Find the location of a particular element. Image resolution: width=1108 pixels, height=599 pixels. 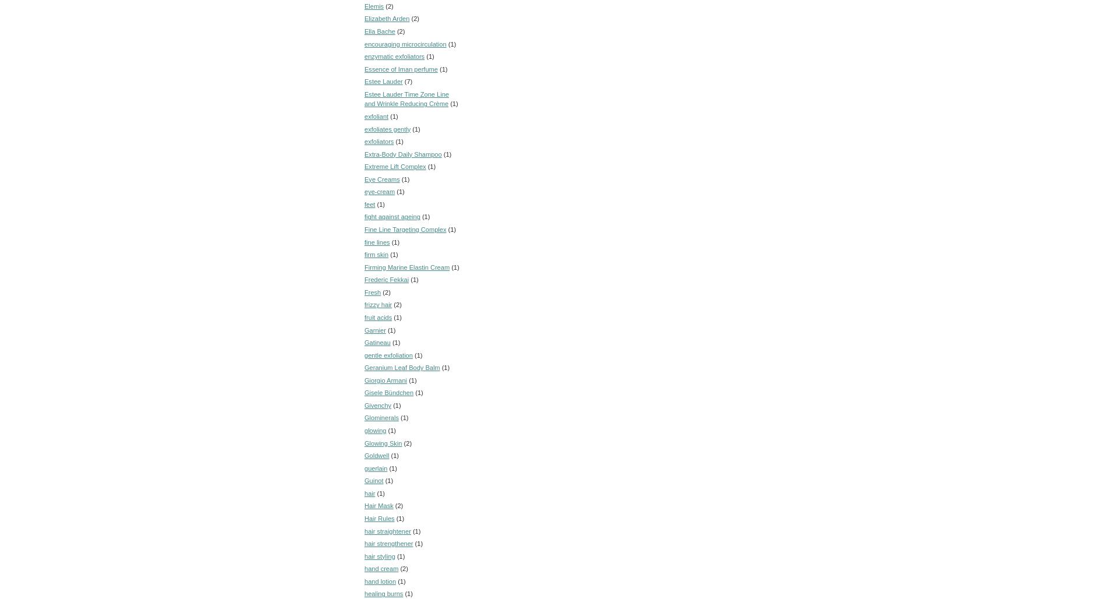

'hair' is located at coordinates (364, 492).